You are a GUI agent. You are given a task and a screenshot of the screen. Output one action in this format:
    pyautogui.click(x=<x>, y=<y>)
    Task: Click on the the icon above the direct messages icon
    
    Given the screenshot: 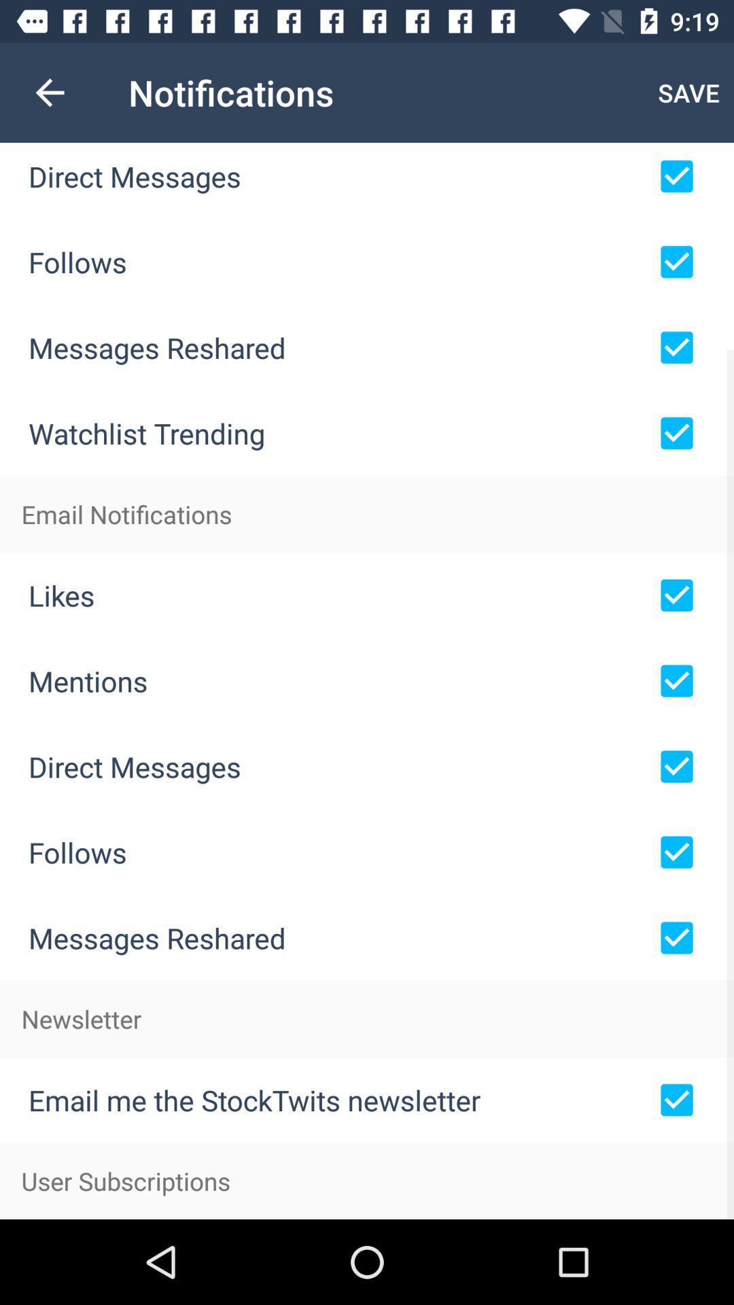 What is the action you would take?
    pyautogui.click(x=49, y=92)
    